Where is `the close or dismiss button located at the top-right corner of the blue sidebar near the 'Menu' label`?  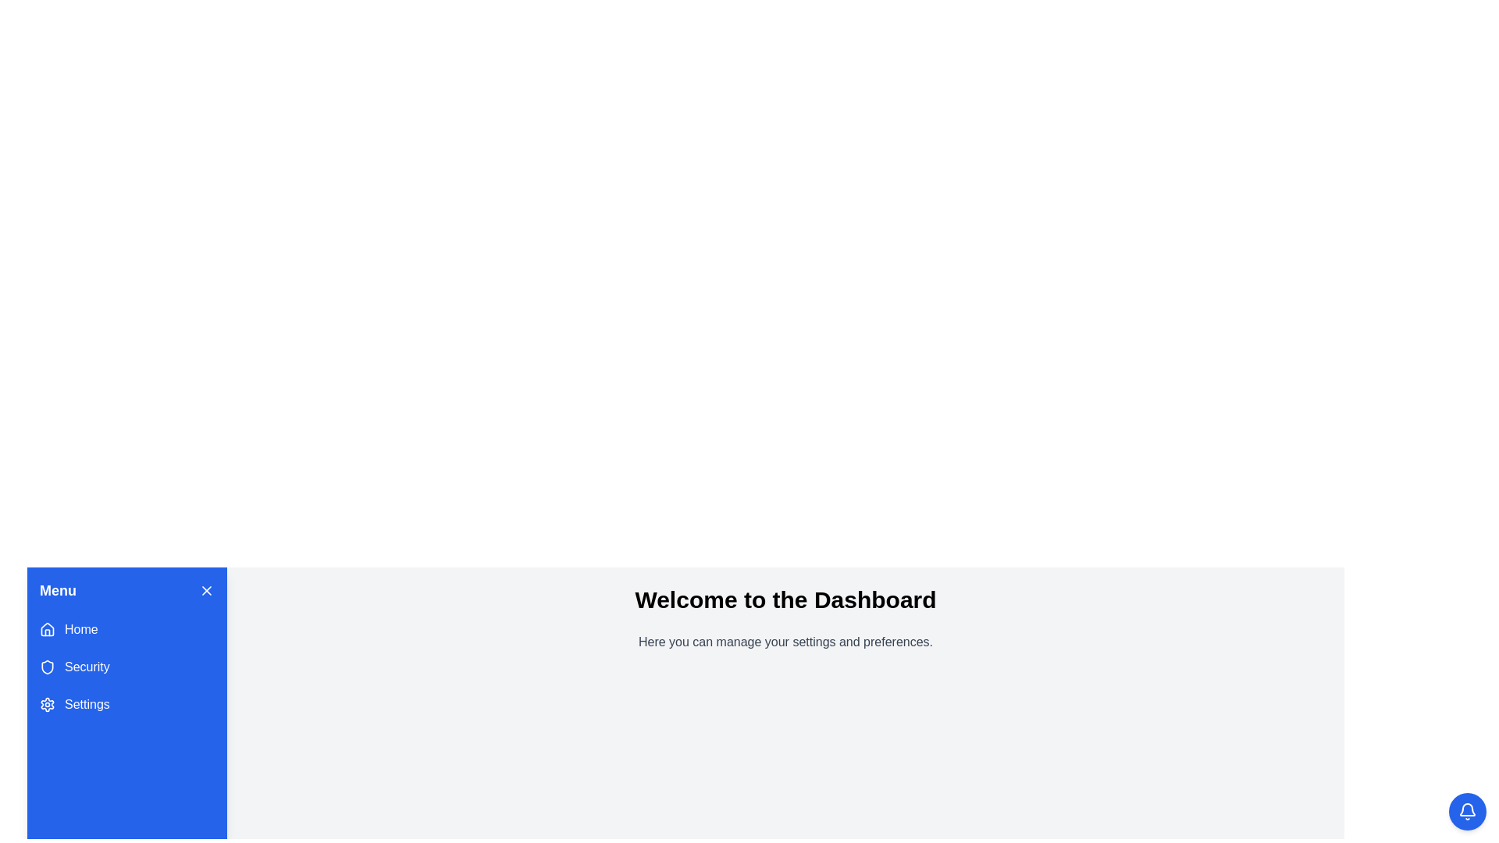
the close or dismiss button located at the top-right corner of the blue sidebar near the 'Menu' label is located at coordinates (205, 590).